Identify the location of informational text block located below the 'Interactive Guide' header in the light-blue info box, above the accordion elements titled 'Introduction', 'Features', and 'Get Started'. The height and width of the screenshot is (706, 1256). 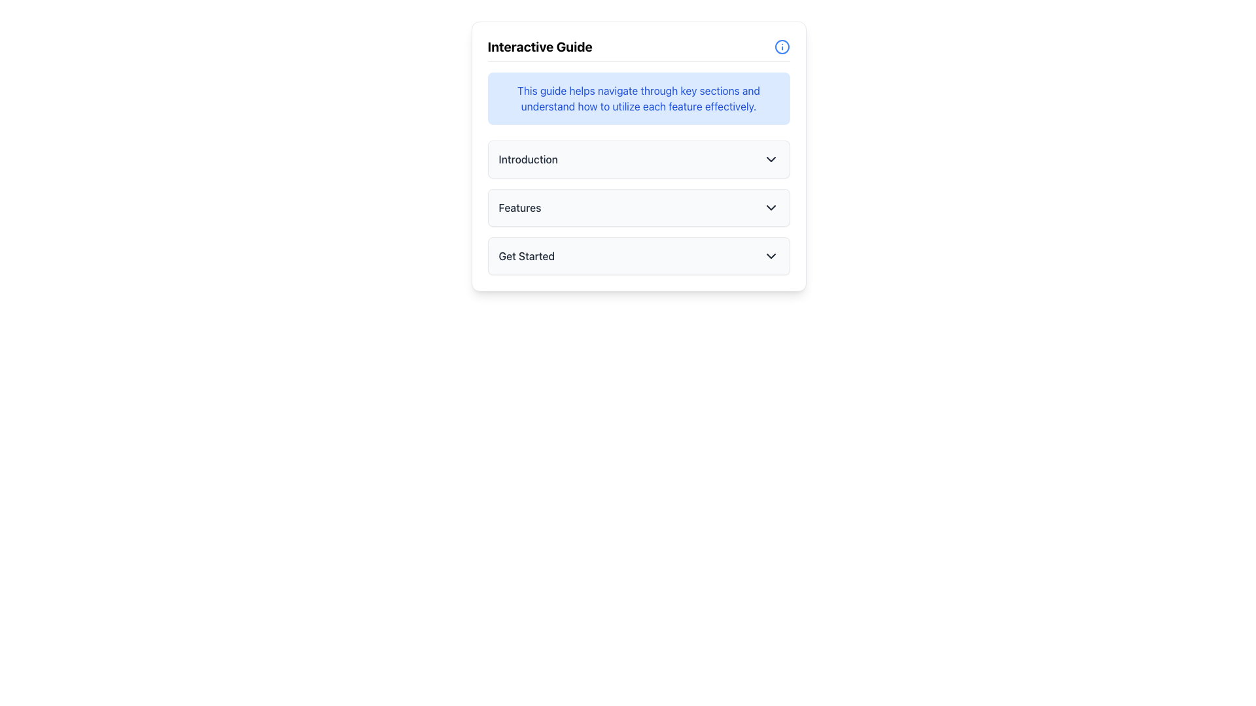
(638, 97).